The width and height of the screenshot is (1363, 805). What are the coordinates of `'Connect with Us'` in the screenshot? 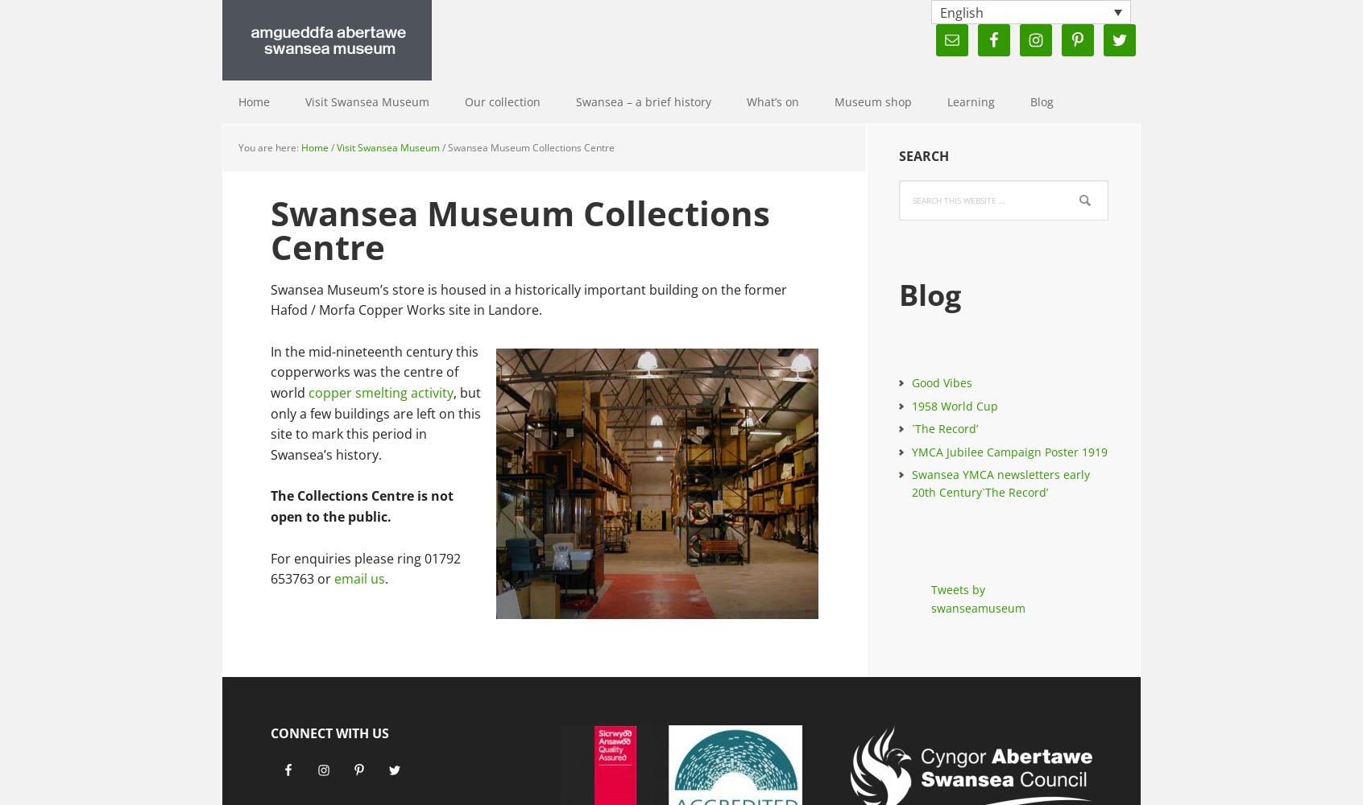 It's located at (329, 733).